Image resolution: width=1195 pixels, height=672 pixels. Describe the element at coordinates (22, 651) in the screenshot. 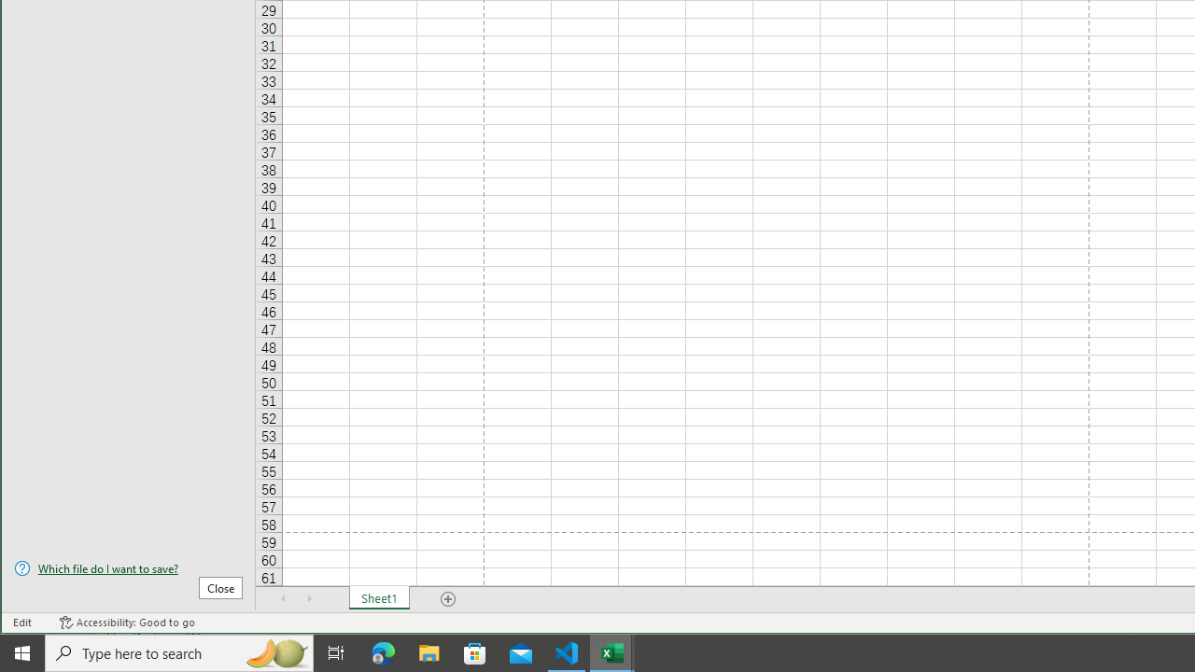

I see `'Start'` at that location.